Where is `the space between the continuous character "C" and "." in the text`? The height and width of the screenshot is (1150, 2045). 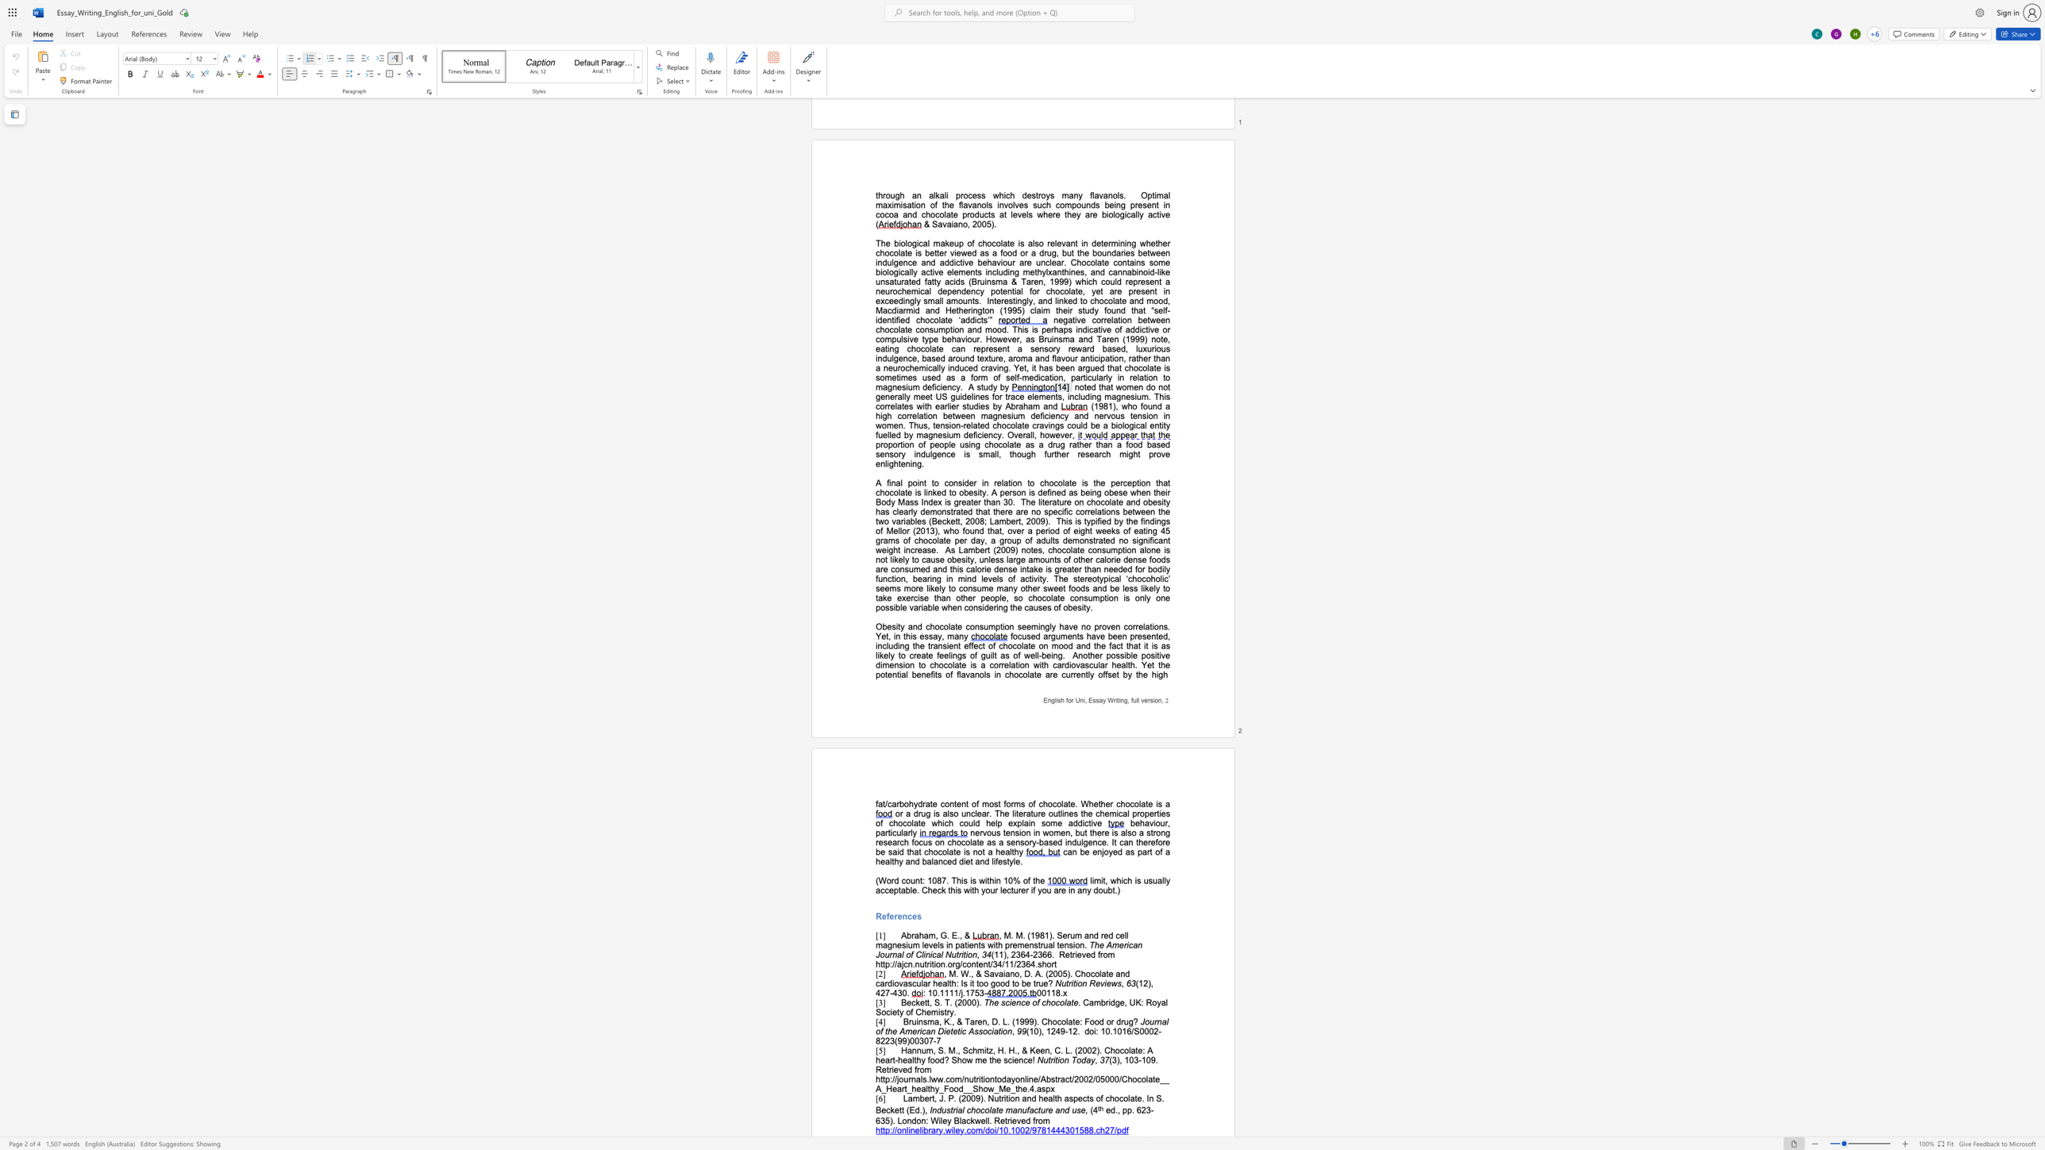 the space between the continuous character "C" and "." in the text is located at coordinates (1059, 1049).